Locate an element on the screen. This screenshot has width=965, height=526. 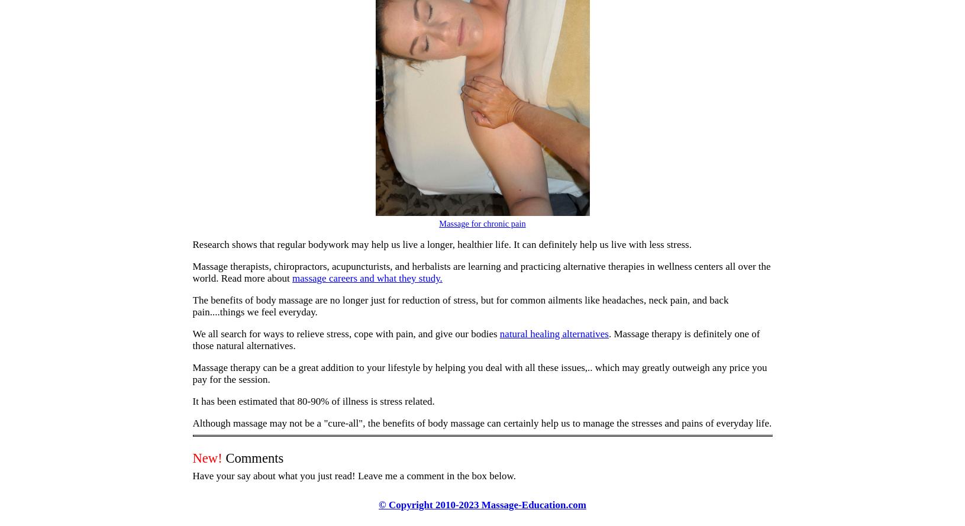
'New!' is located at coordinates (207, 458).